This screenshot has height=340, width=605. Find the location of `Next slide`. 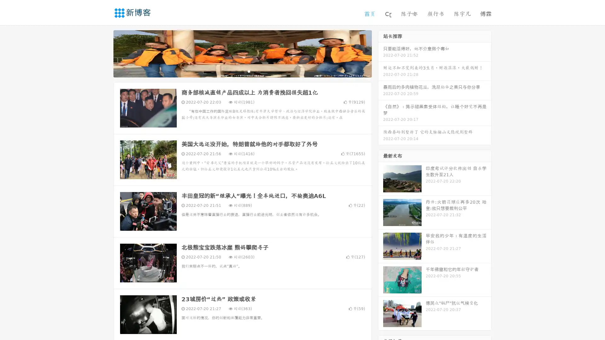

Next slide is located at coordinates (381, 53).